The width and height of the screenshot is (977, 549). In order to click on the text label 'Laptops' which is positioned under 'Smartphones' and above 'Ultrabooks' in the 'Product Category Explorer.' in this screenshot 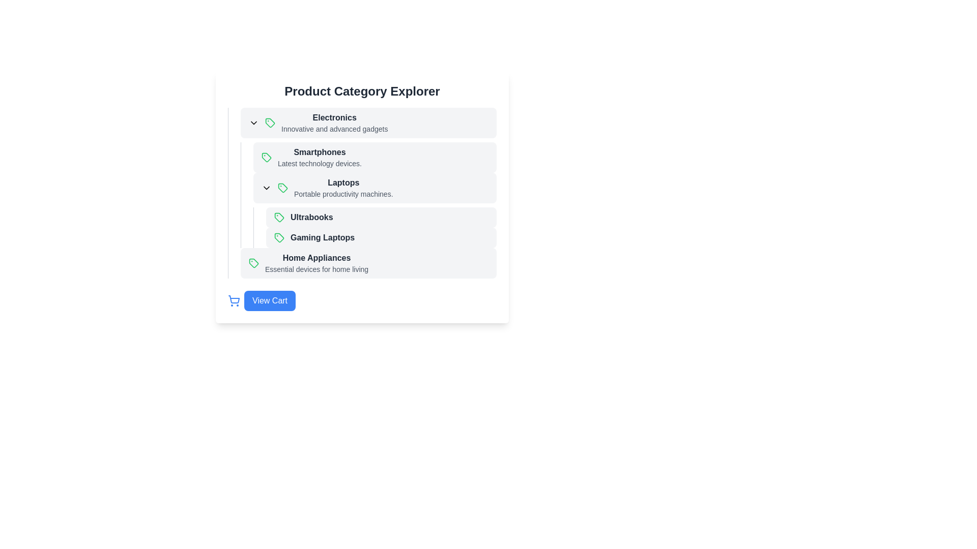, I will do `click(343, 182)`.